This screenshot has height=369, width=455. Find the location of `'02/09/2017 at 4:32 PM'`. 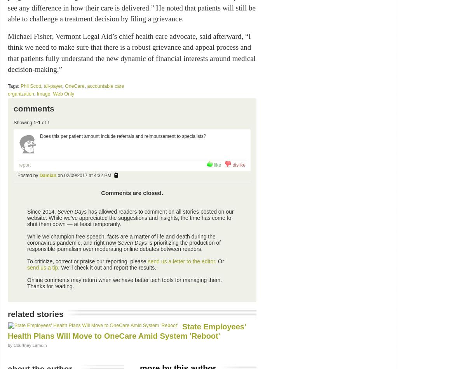

'02/09/2017 at 4:32 PM' is located at coordinates (87, 174).